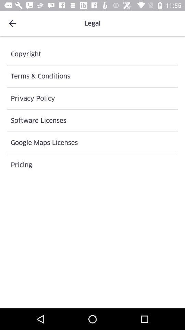 This screenshot has height=330, width=185. What do you see at coordinates (92, 98) in the screenshot?
I see `the privacy policy` at bounding box center [92, 98].